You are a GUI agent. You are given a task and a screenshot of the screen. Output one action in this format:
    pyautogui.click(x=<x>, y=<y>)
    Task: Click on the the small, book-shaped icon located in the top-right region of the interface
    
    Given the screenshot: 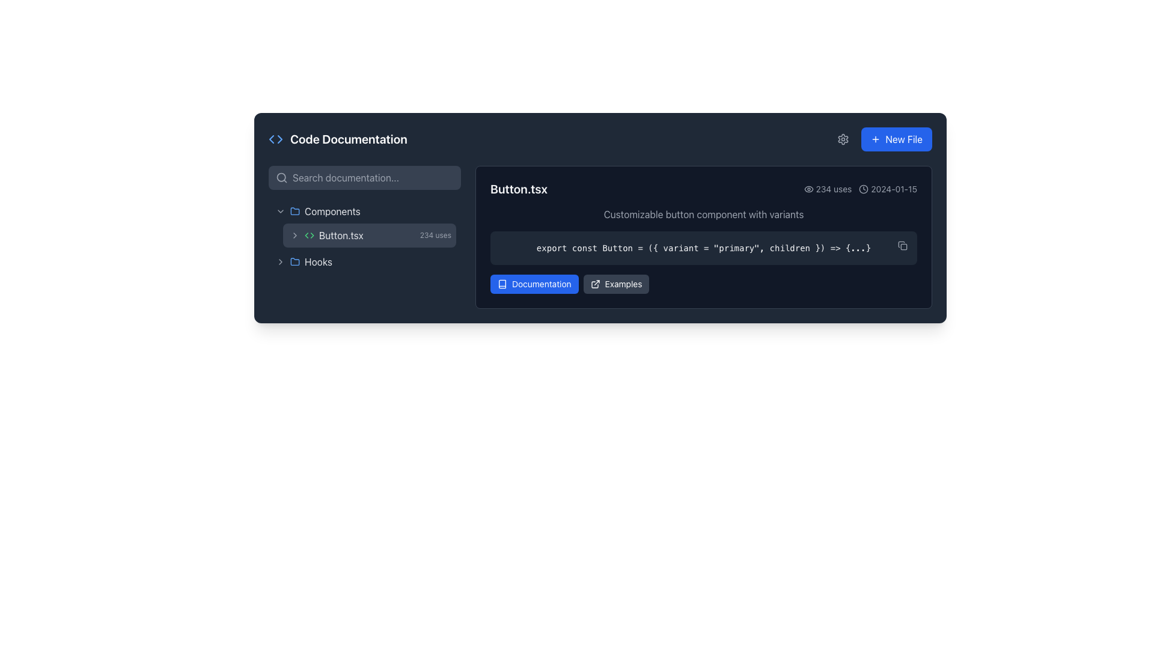 What is the action you would take?
    pyautogui.click(x=502, y=284)
    